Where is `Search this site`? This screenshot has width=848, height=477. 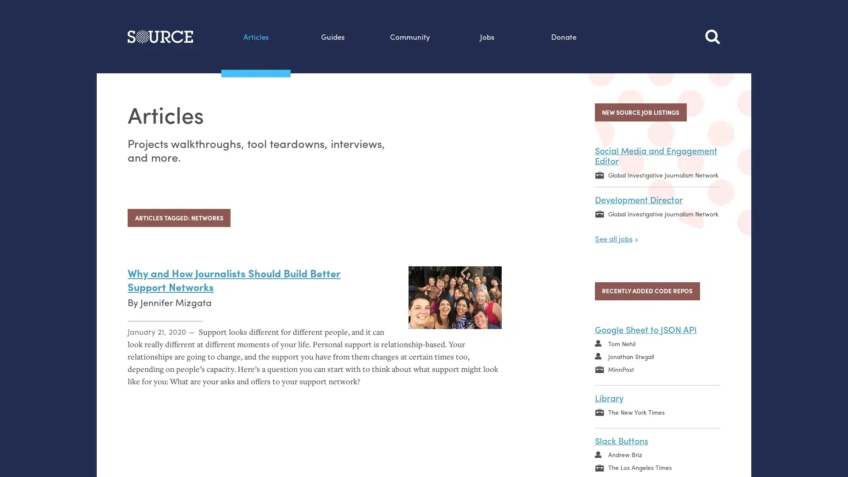
Search this site is located at coordinates (96, 73).